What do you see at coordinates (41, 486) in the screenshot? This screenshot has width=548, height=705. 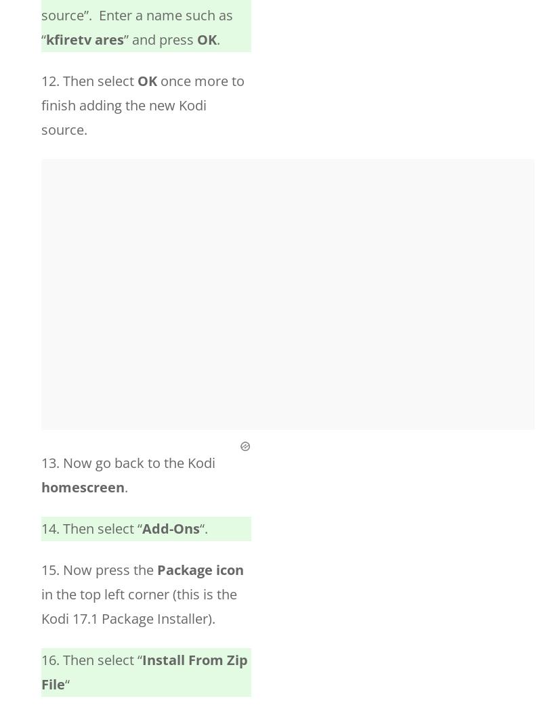 I see `'homescreen'` at bounding box center [41, 486].